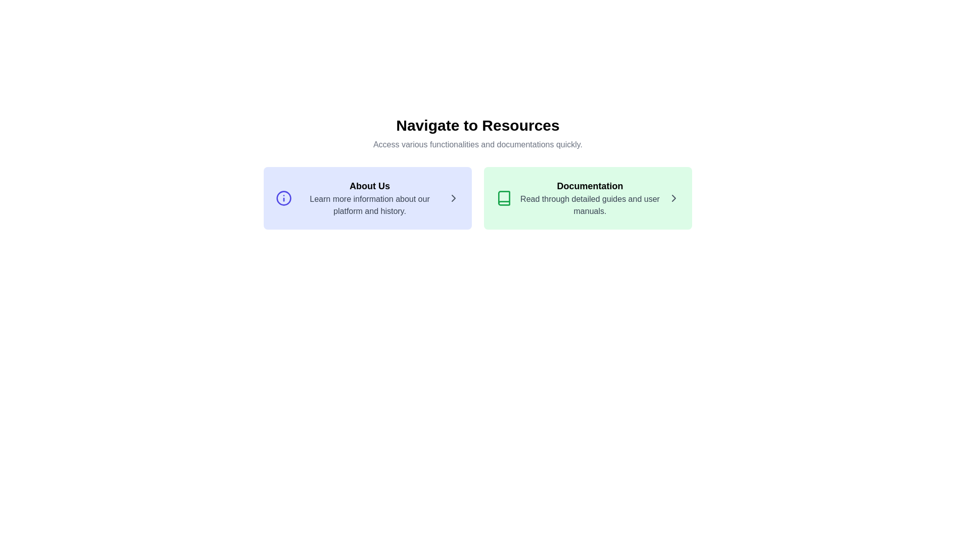 The width and height of the screenshot is (970, 545). I want to click on the text element styled in gray that reads 'Access various functionalities and documentations quickly.' which is located directly beneath the bold headline 'Navigate to Resources.', so click(477, 144).